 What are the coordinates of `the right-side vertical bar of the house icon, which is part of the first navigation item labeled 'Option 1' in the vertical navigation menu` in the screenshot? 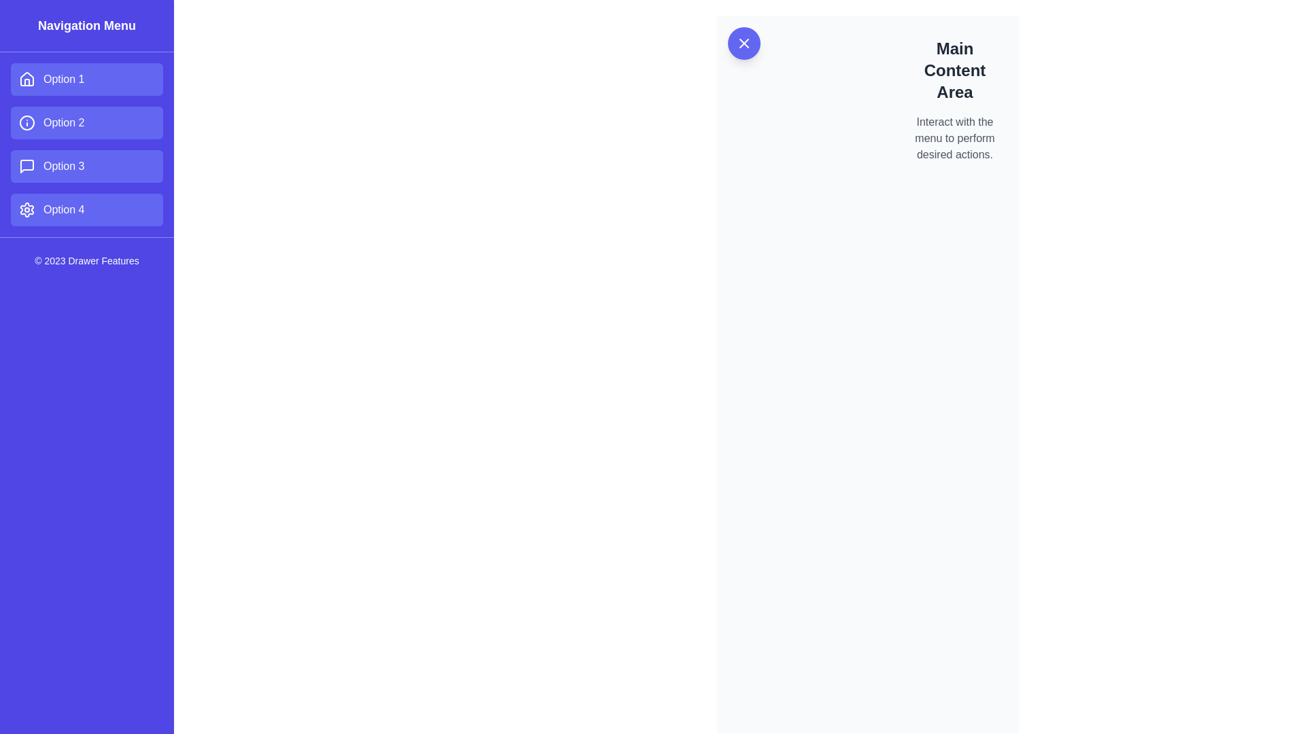 It's located at (27, 82).